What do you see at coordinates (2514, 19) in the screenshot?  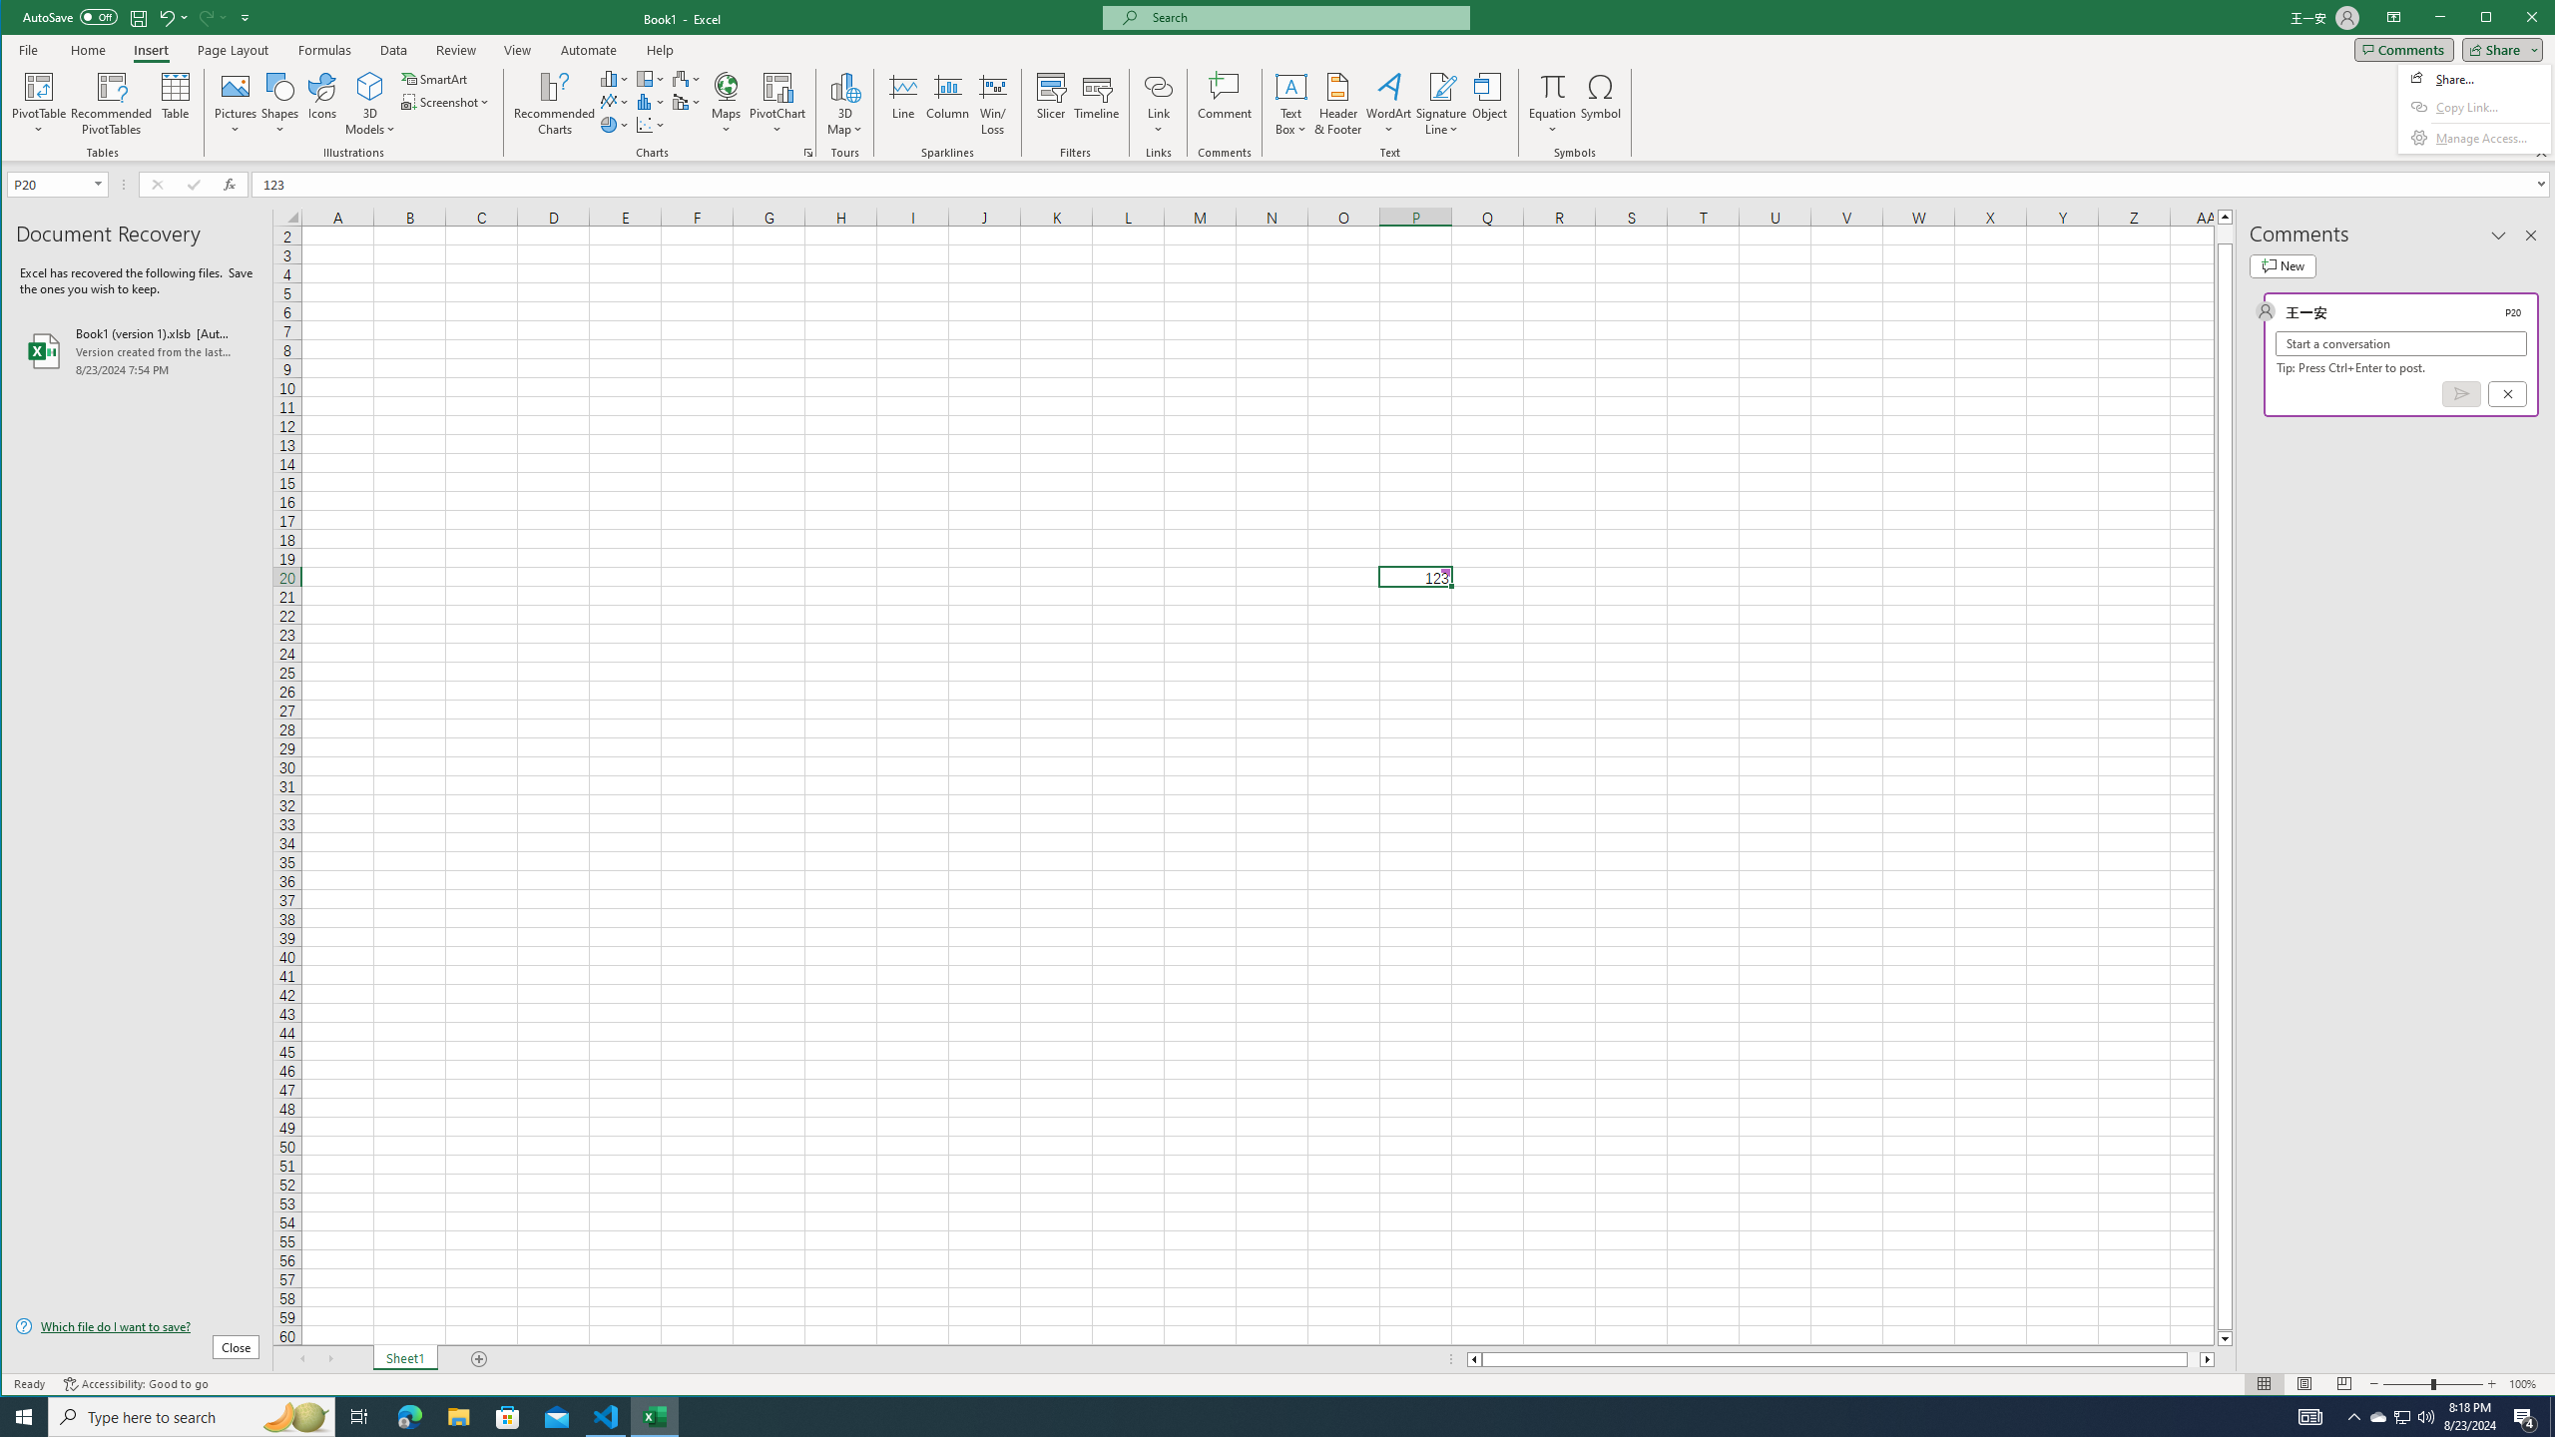 I see `'Maximize'` at bounding box center [2514, 19].